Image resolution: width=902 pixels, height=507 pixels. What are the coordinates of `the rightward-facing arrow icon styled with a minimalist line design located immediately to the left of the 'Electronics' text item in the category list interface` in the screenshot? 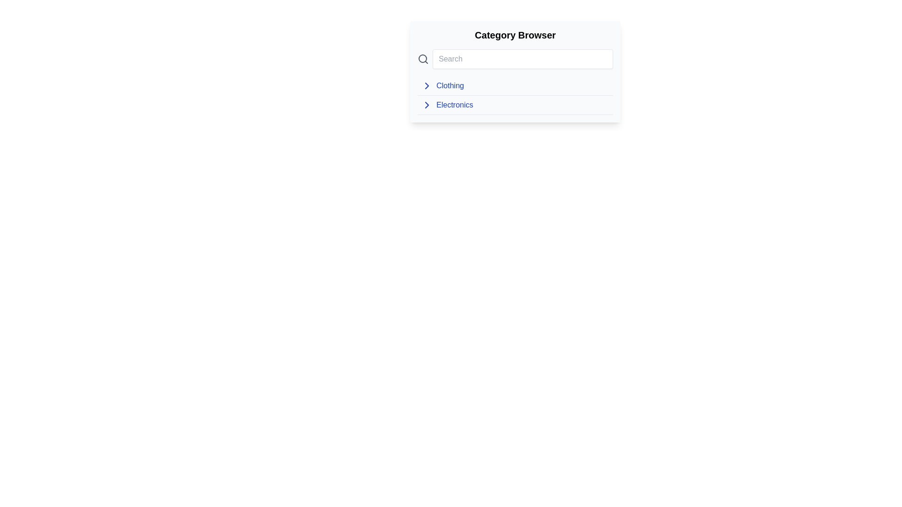 It's located at (426, 105).